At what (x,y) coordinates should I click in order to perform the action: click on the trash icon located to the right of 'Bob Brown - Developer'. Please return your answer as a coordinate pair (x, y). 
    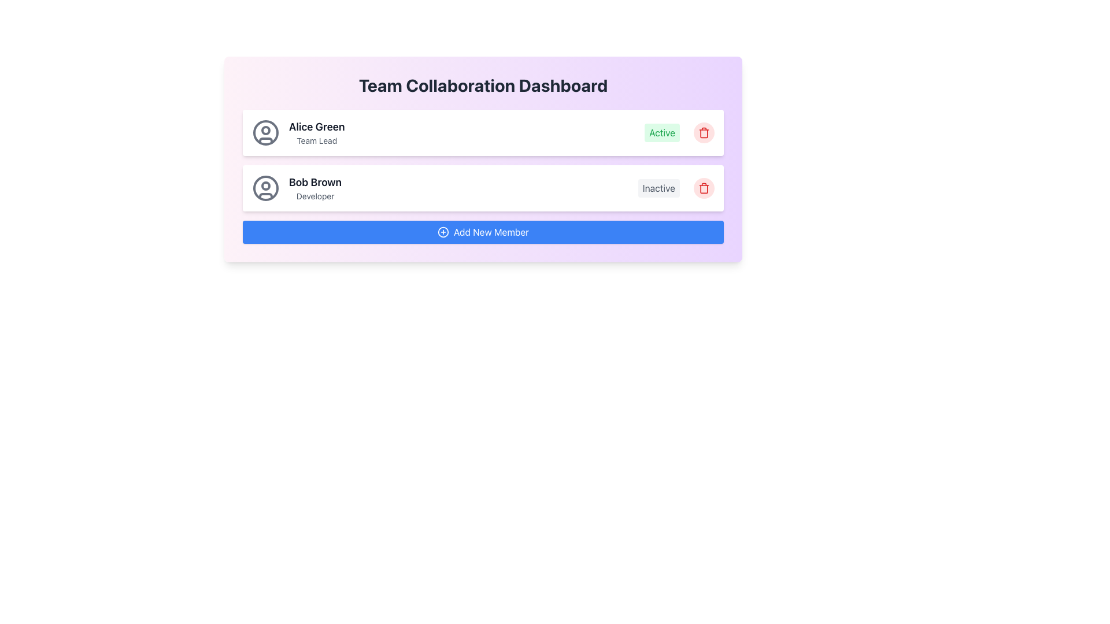
    Looking at the image, I should click on (704, 188).